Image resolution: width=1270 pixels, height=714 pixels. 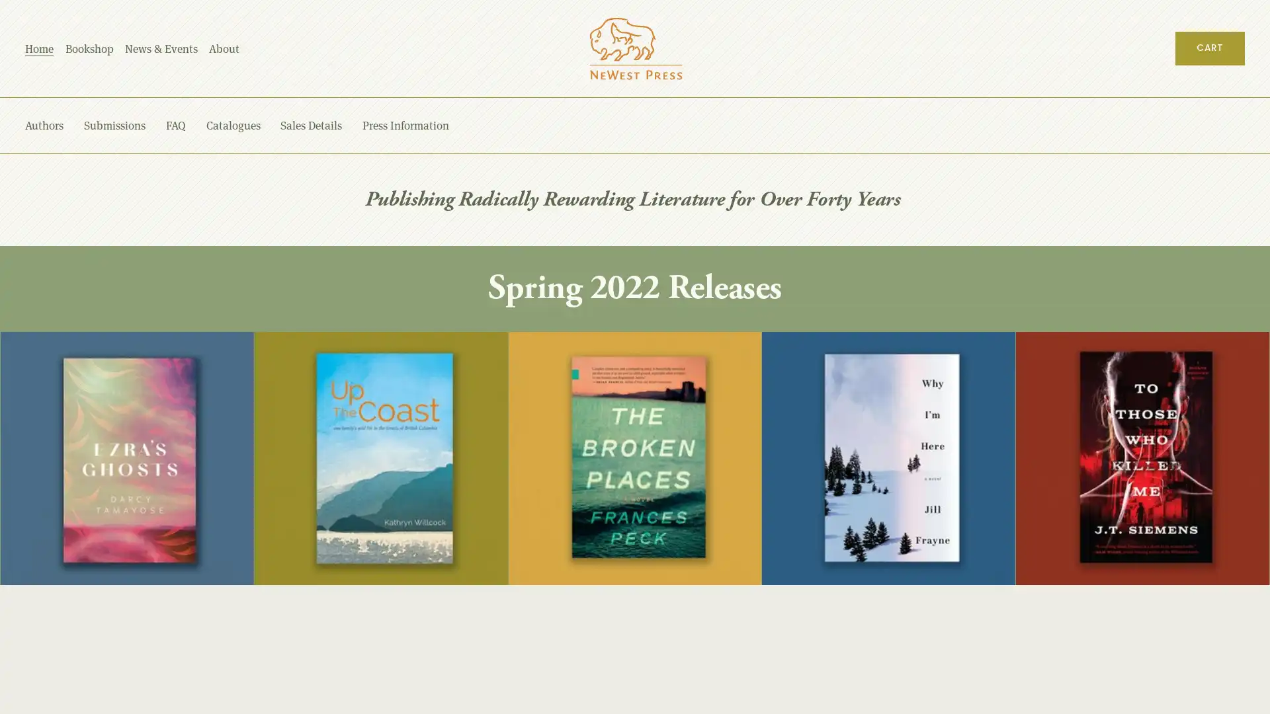 I want to click on Close, so click(x=1203, y=362).